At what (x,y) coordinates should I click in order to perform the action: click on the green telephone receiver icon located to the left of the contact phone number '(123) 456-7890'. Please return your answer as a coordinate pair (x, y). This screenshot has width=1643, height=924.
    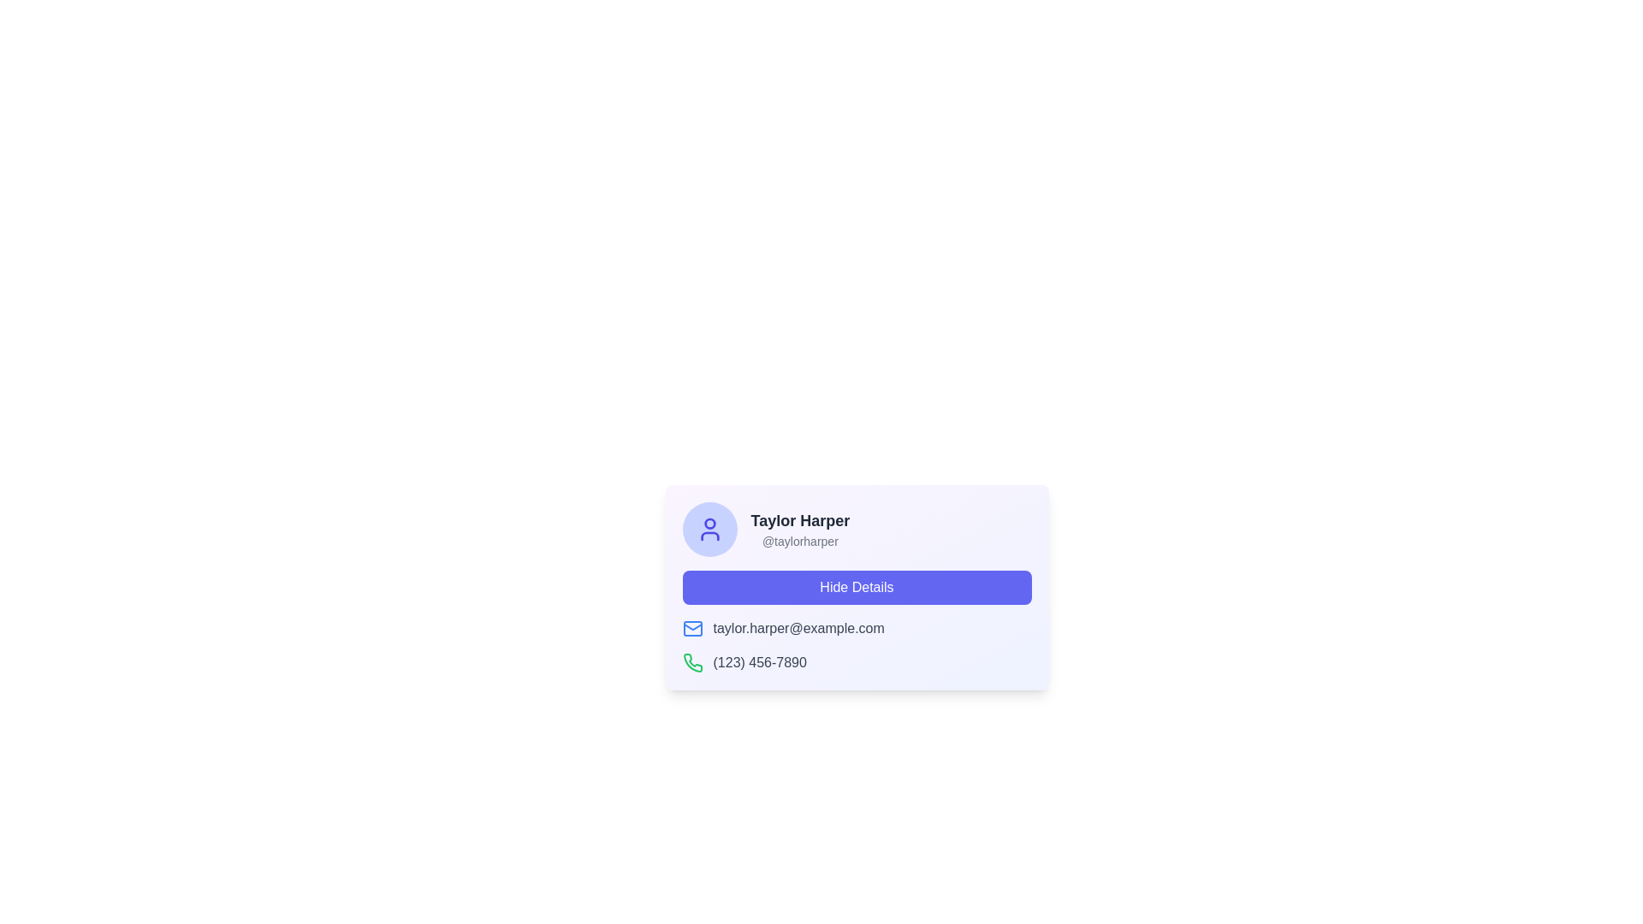
    Looking at the image, I should click on (692, 662).